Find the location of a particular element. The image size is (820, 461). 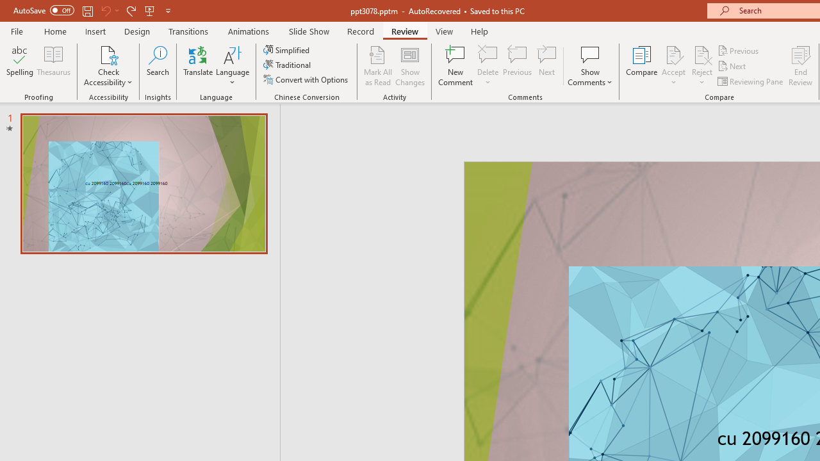

'Mark All as Read' is located at coordinates (377, 66).